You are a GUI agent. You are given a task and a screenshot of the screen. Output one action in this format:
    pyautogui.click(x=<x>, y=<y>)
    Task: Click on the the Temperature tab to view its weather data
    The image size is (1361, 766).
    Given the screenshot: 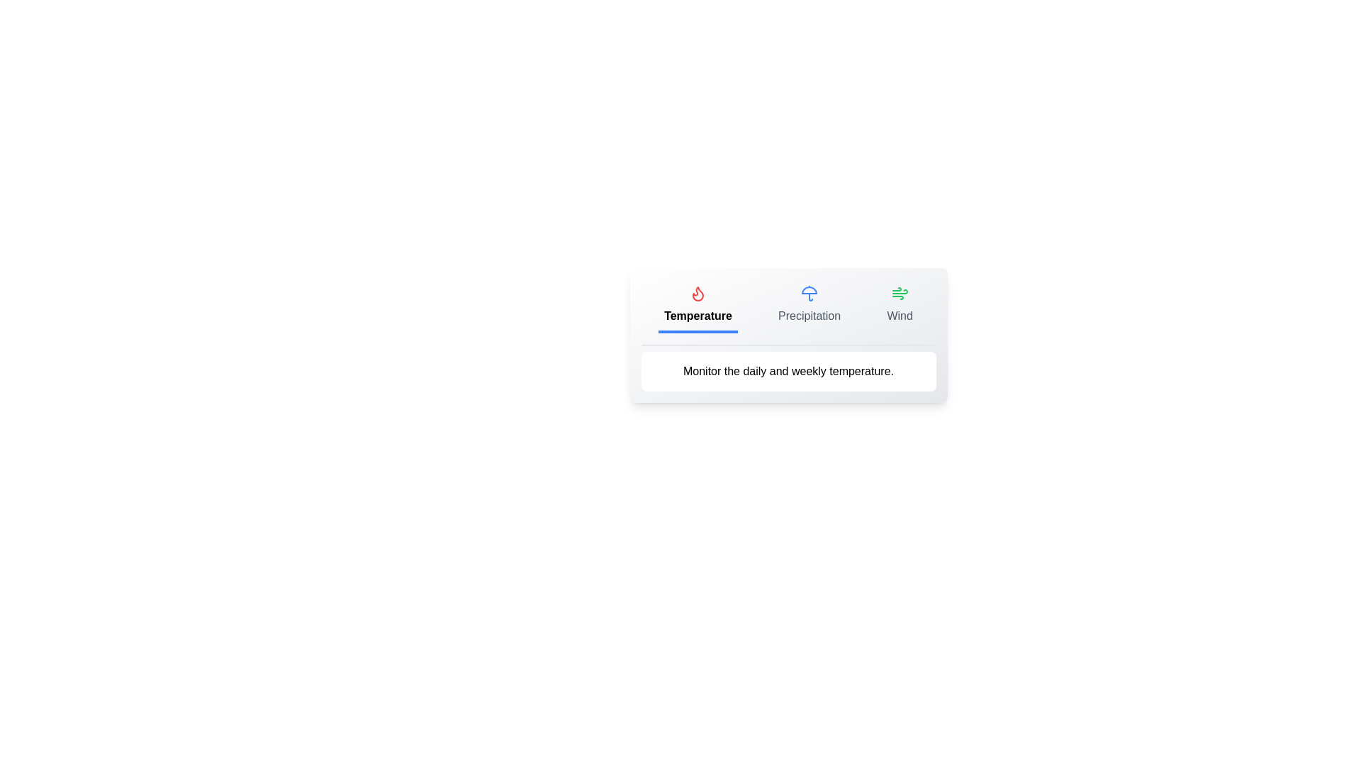 What is the action you would take?
    pyautogui.click(x=698, y=306)
    